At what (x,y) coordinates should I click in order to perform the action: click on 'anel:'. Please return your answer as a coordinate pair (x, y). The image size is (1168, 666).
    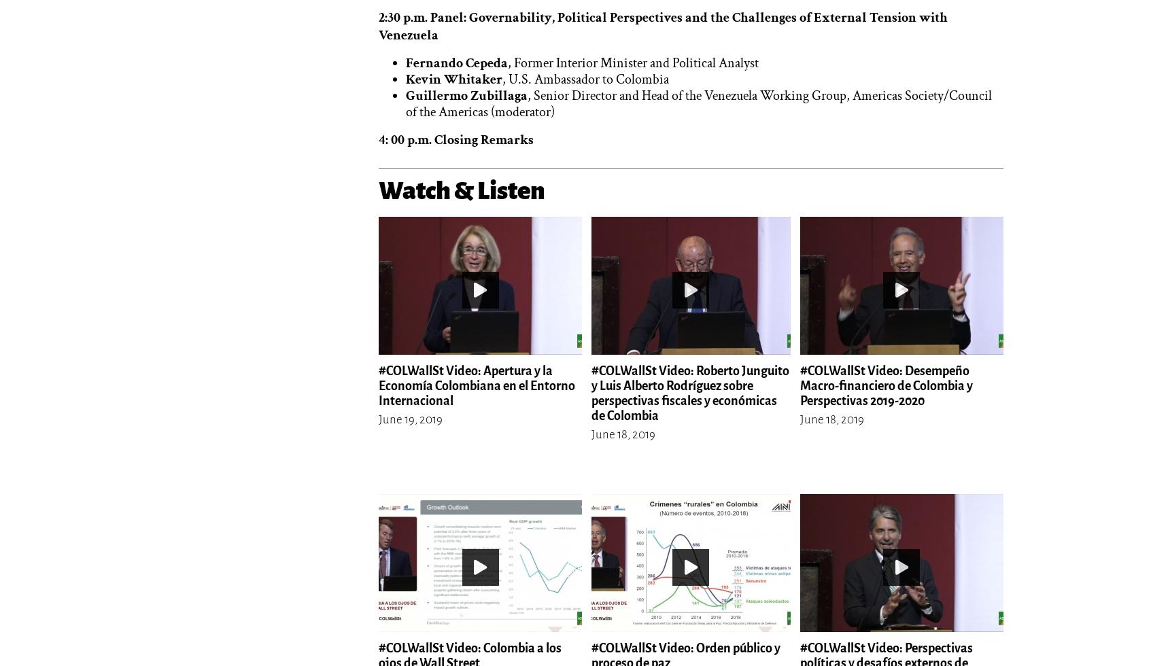
    Looking at the image, I should click on (453, 16).